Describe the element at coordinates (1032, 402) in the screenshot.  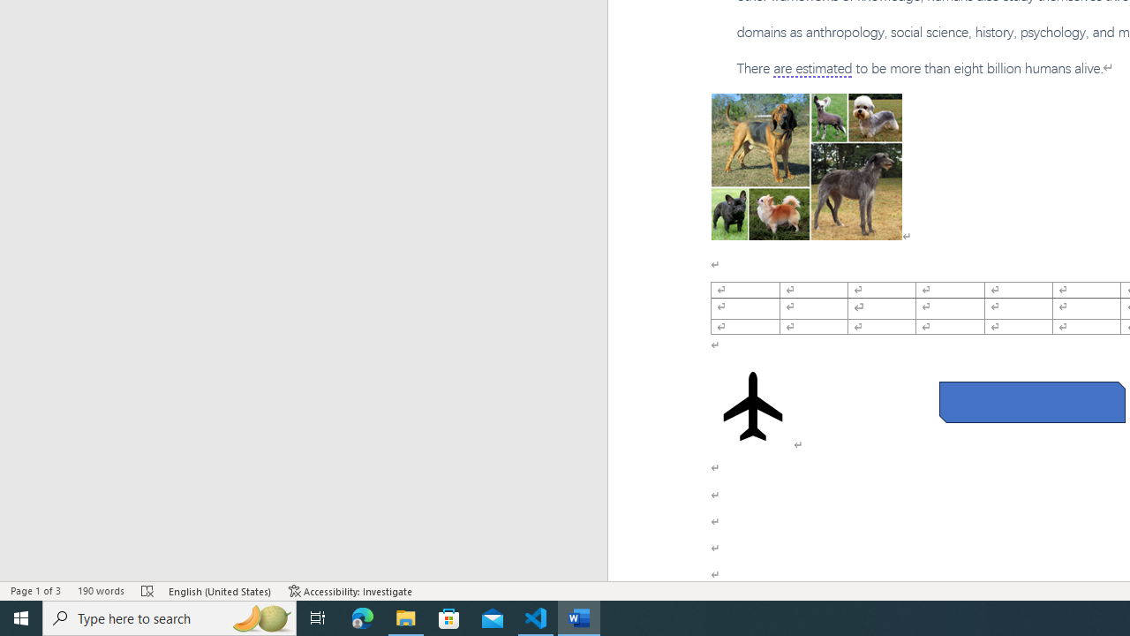
I see `'Rectangle: Diagonal Corners Snipped 2'` at that location.